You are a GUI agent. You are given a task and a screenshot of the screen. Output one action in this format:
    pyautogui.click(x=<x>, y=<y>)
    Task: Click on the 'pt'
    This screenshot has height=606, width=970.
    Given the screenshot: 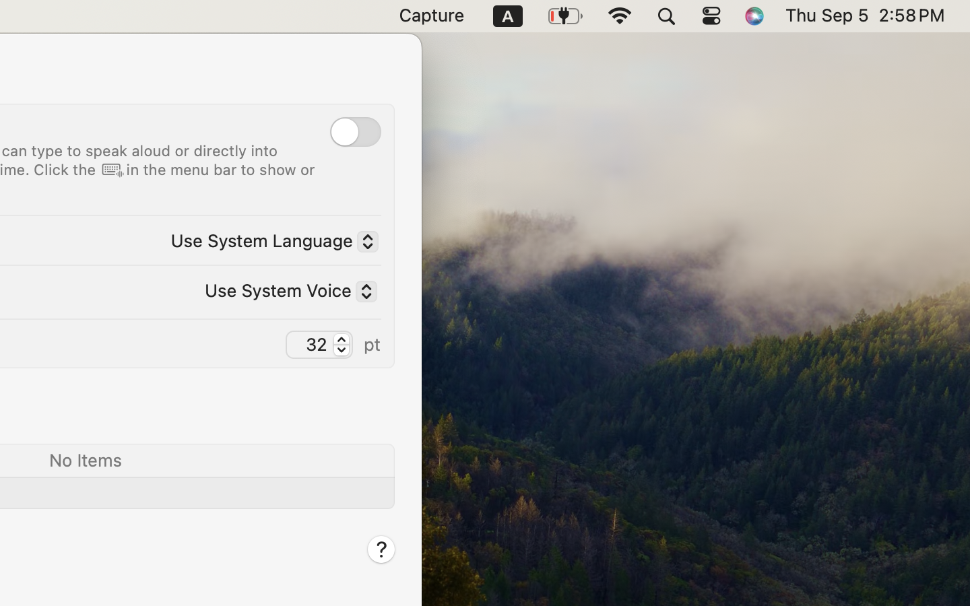 What is the action you would take?
    pyautogui.click(x=372, y=343)
    